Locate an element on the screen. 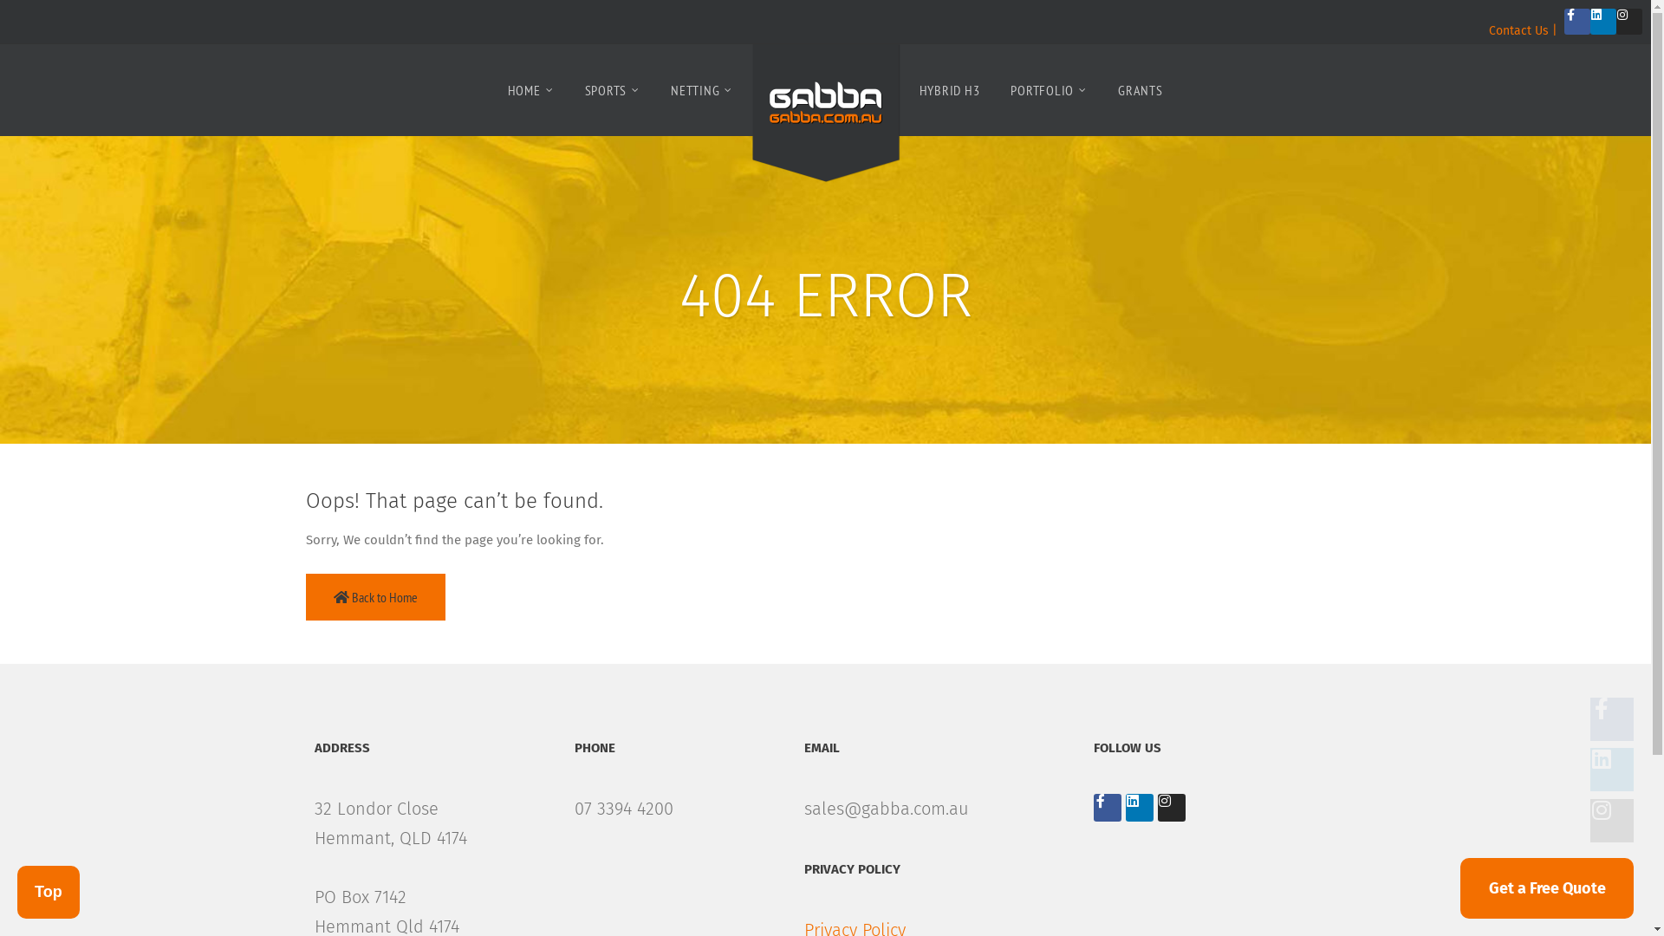 The height and width of the screenshot is (936, 1664). 'HYBRID H3' is located at coordinates (948, 90).